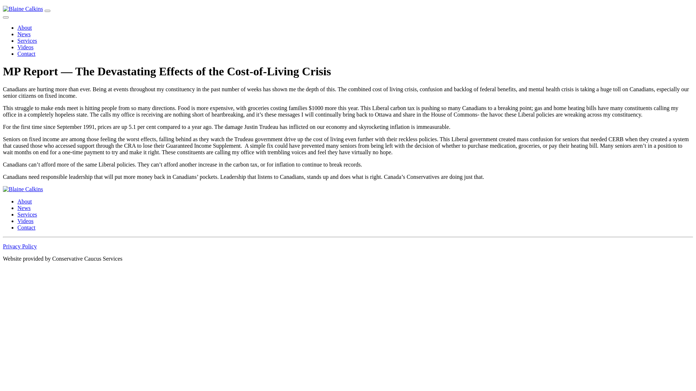  I want to click on 'Videos', so click(17, 220).